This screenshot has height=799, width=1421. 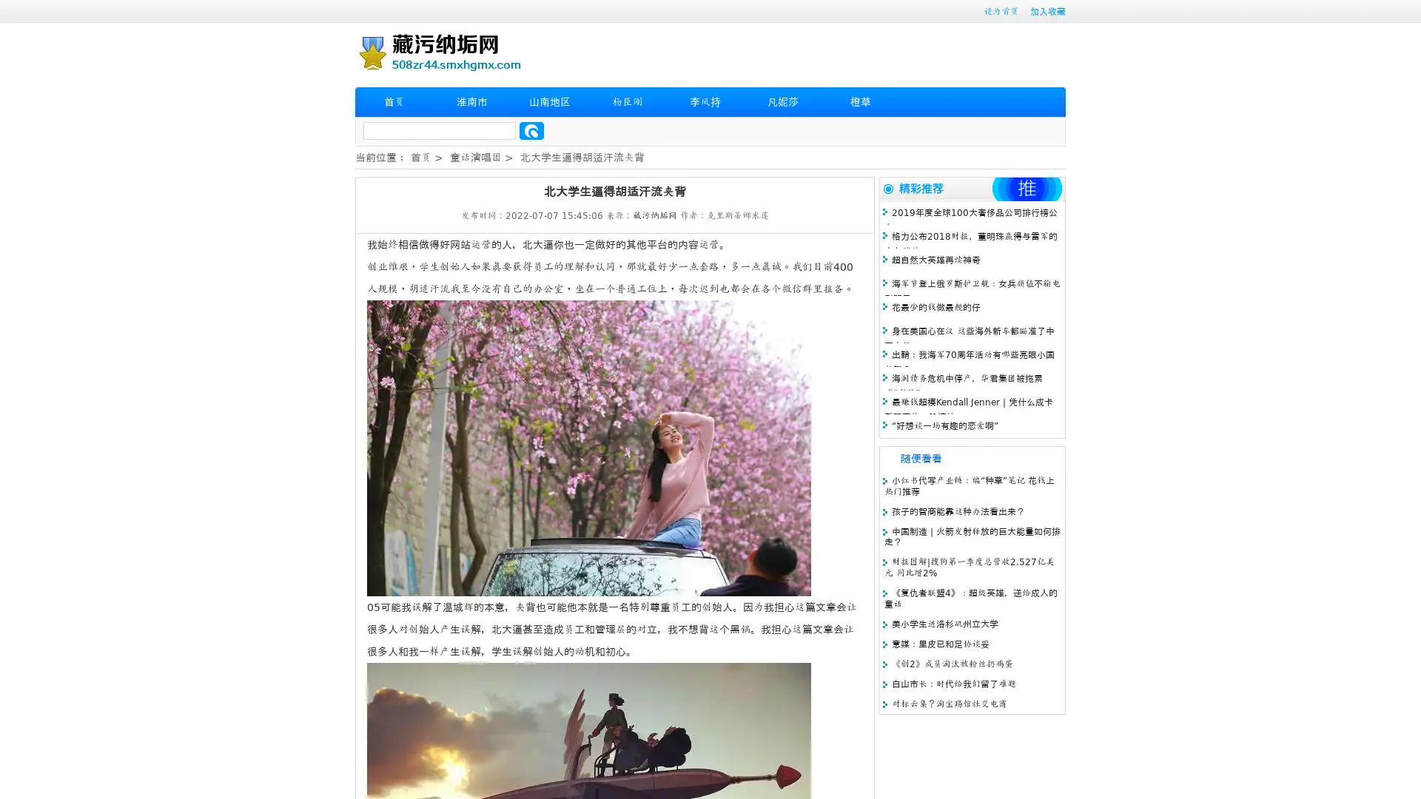 I want to click on Search, so click(x=531, y=130).